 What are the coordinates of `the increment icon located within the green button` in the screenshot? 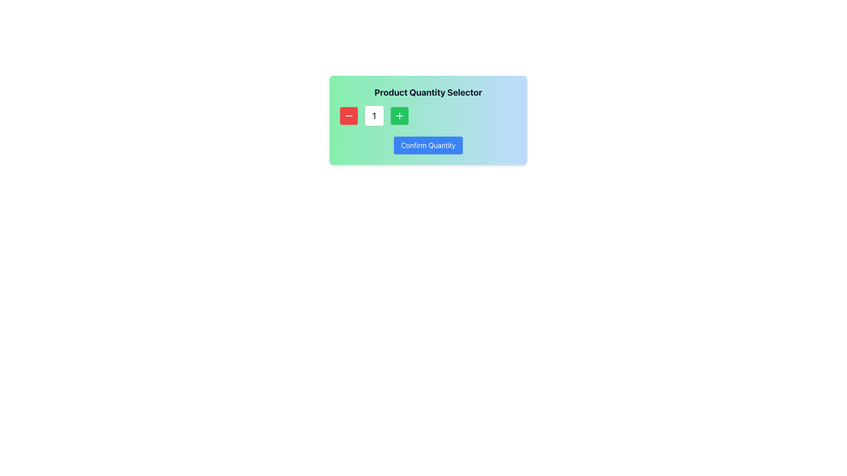 It's located at (399, 115).